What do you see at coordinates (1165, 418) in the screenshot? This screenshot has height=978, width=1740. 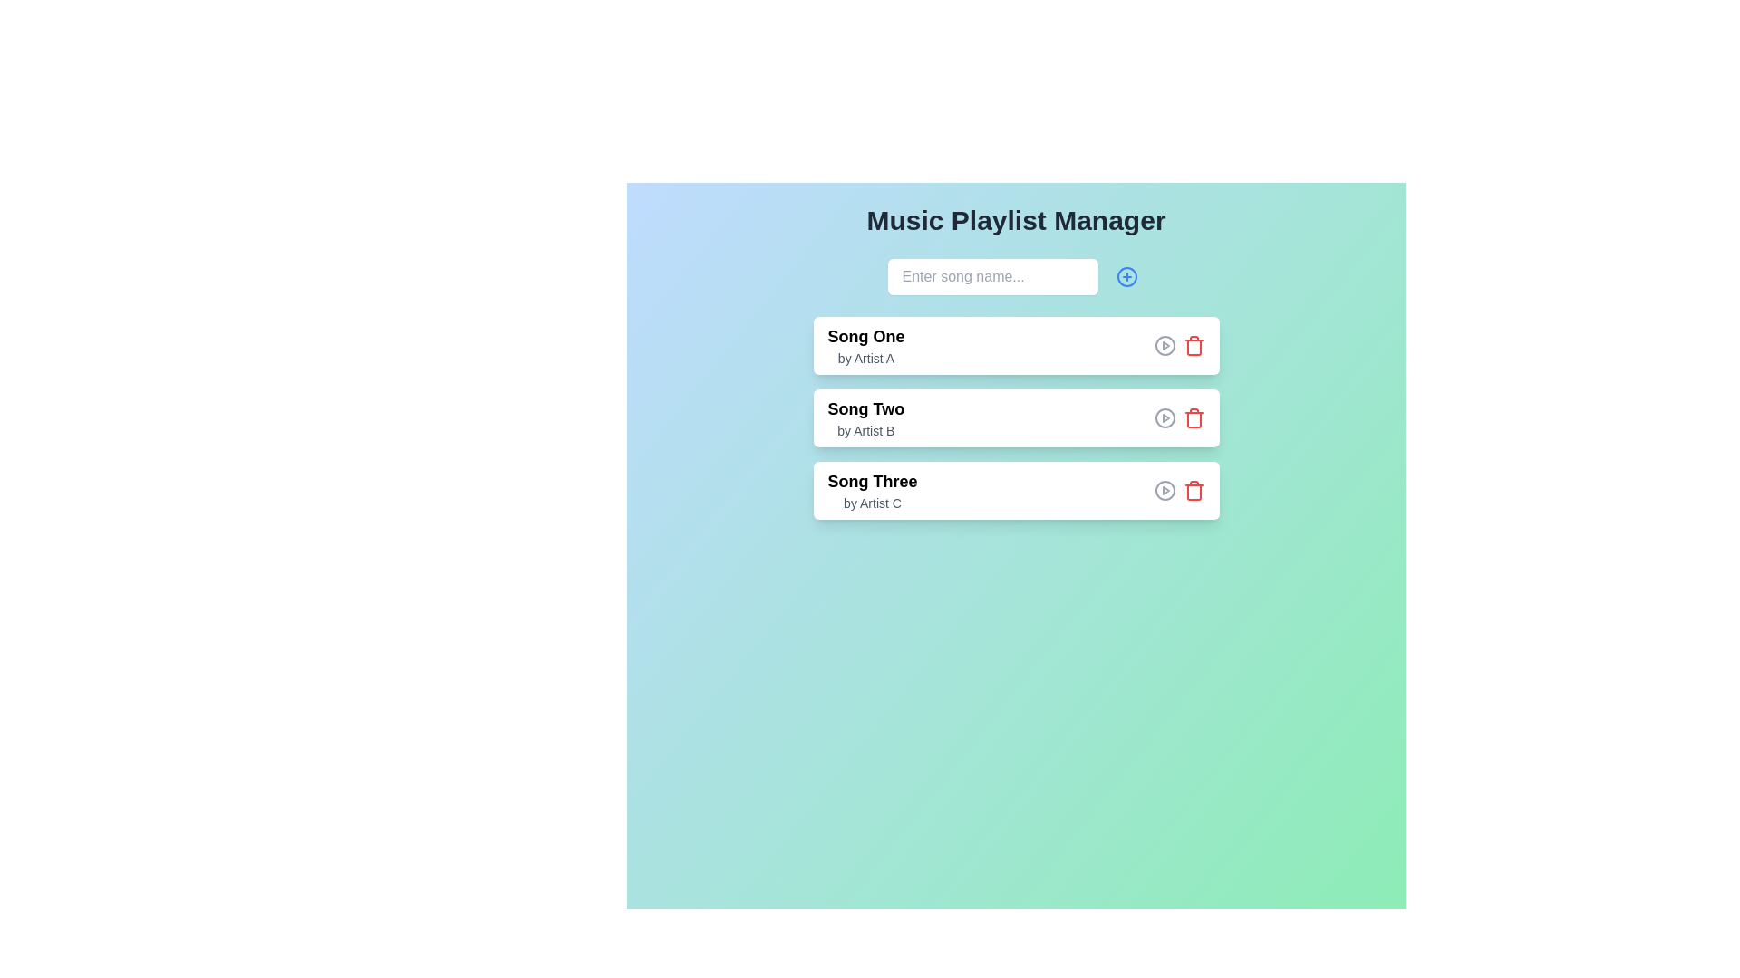 I see `the play button to initiate playback for the song in the 'Song Two' entry of the playlist, located to the left of the trash icon in the second row` at bounding box center [1165, 418].